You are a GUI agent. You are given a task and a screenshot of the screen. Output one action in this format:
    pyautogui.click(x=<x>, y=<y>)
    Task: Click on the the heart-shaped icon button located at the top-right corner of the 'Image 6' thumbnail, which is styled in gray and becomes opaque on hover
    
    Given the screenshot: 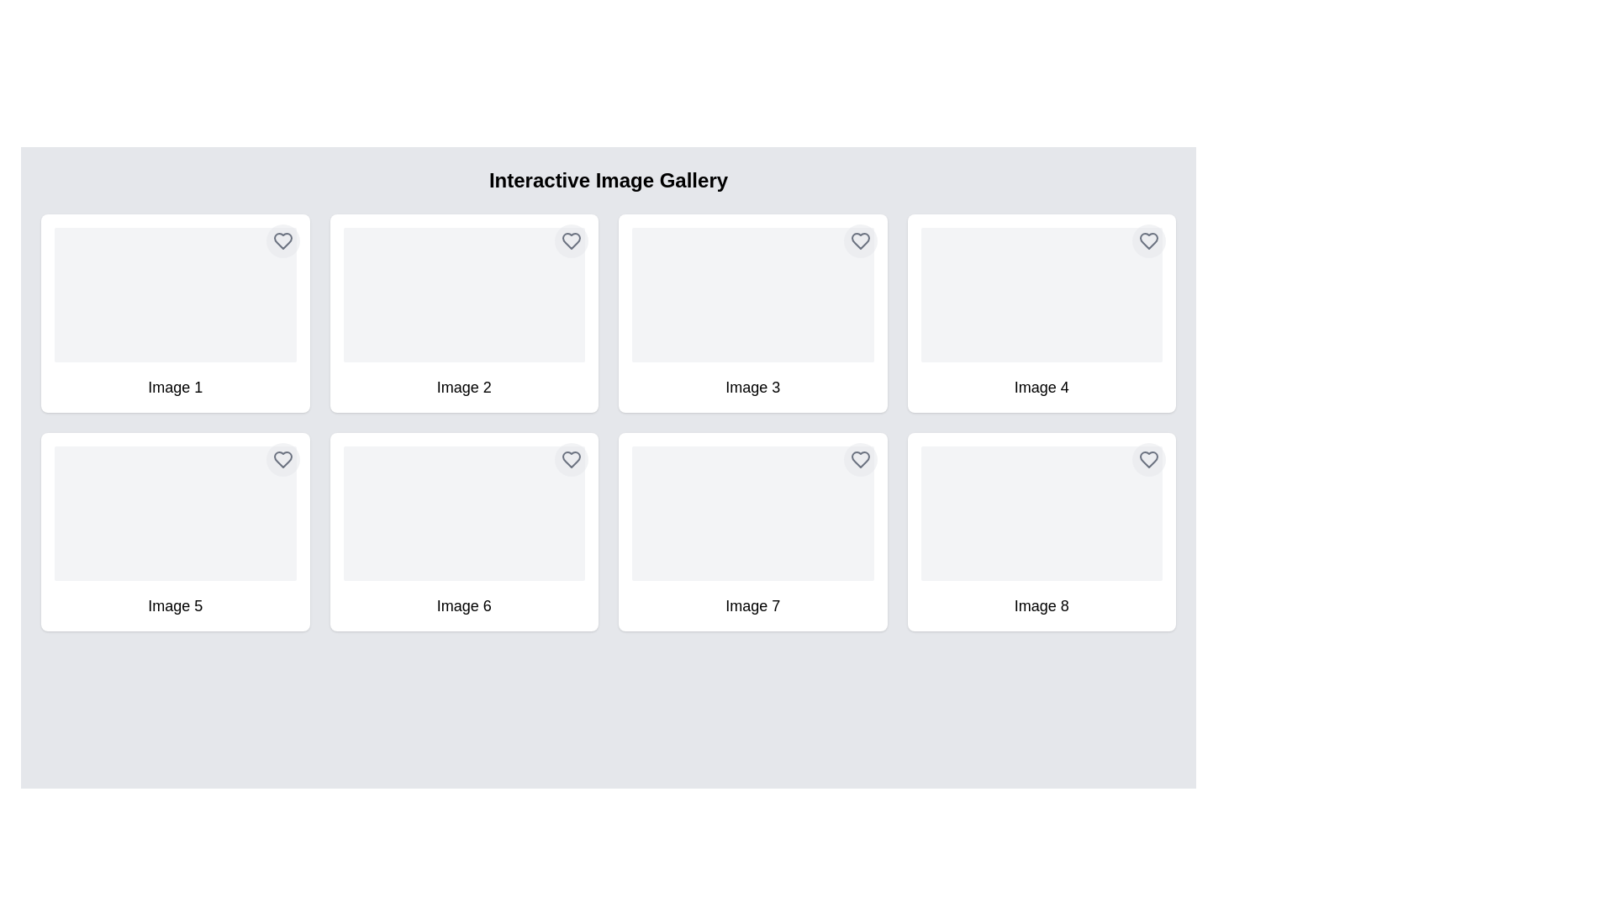 What is the action you would take?
    pyautogui.click(x=572, y=460)
    